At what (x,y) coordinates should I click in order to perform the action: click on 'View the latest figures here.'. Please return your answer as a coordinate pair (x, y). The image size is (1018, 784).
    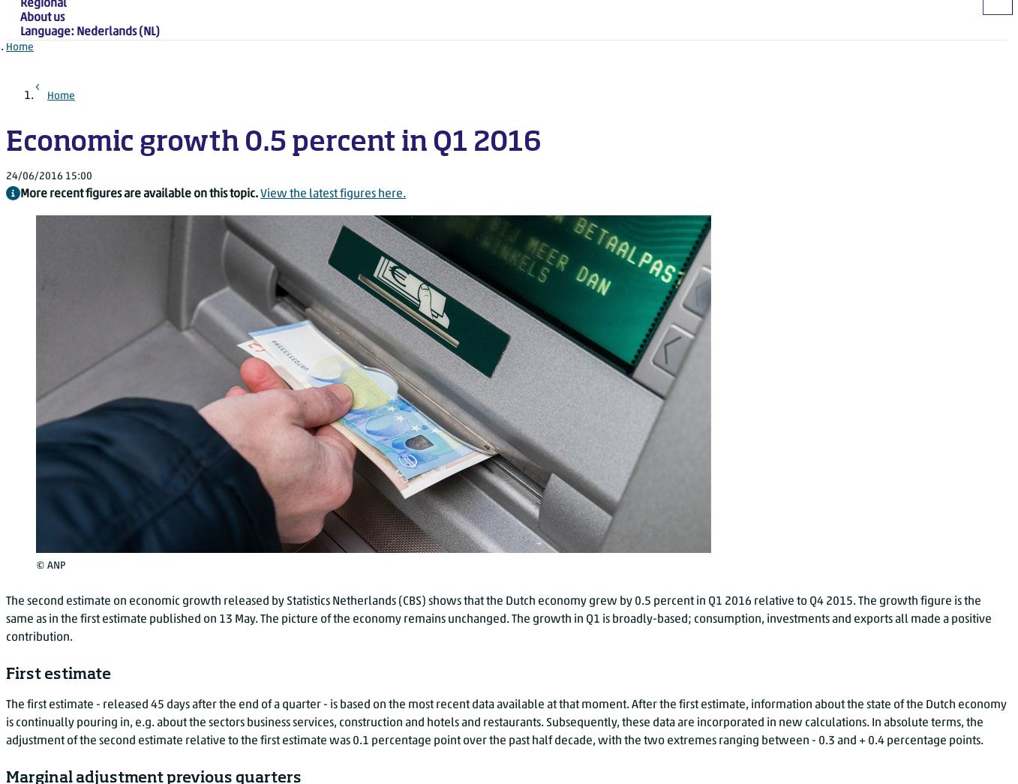
    Looking at the image, I should click on (332, 193).